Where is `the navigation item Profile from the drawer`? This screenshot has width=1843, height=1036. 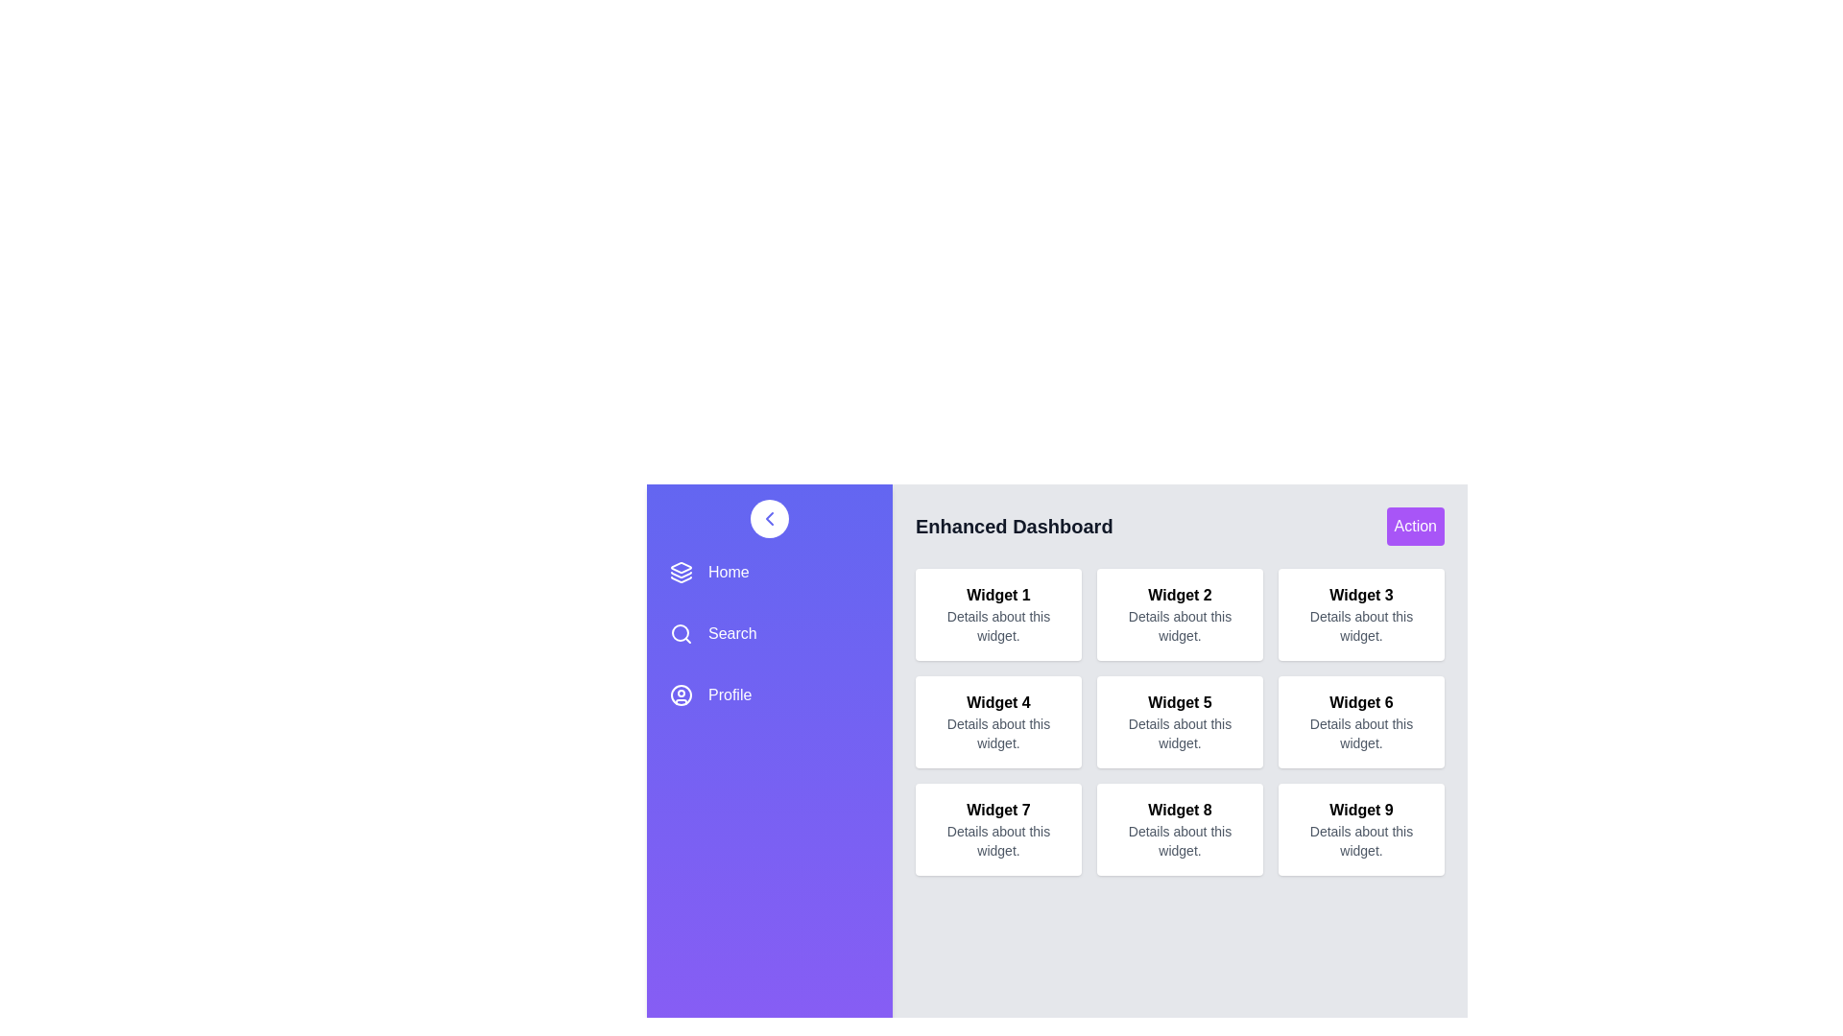
the navigation item Profile from the drawer is located at coordinates (769, 695).